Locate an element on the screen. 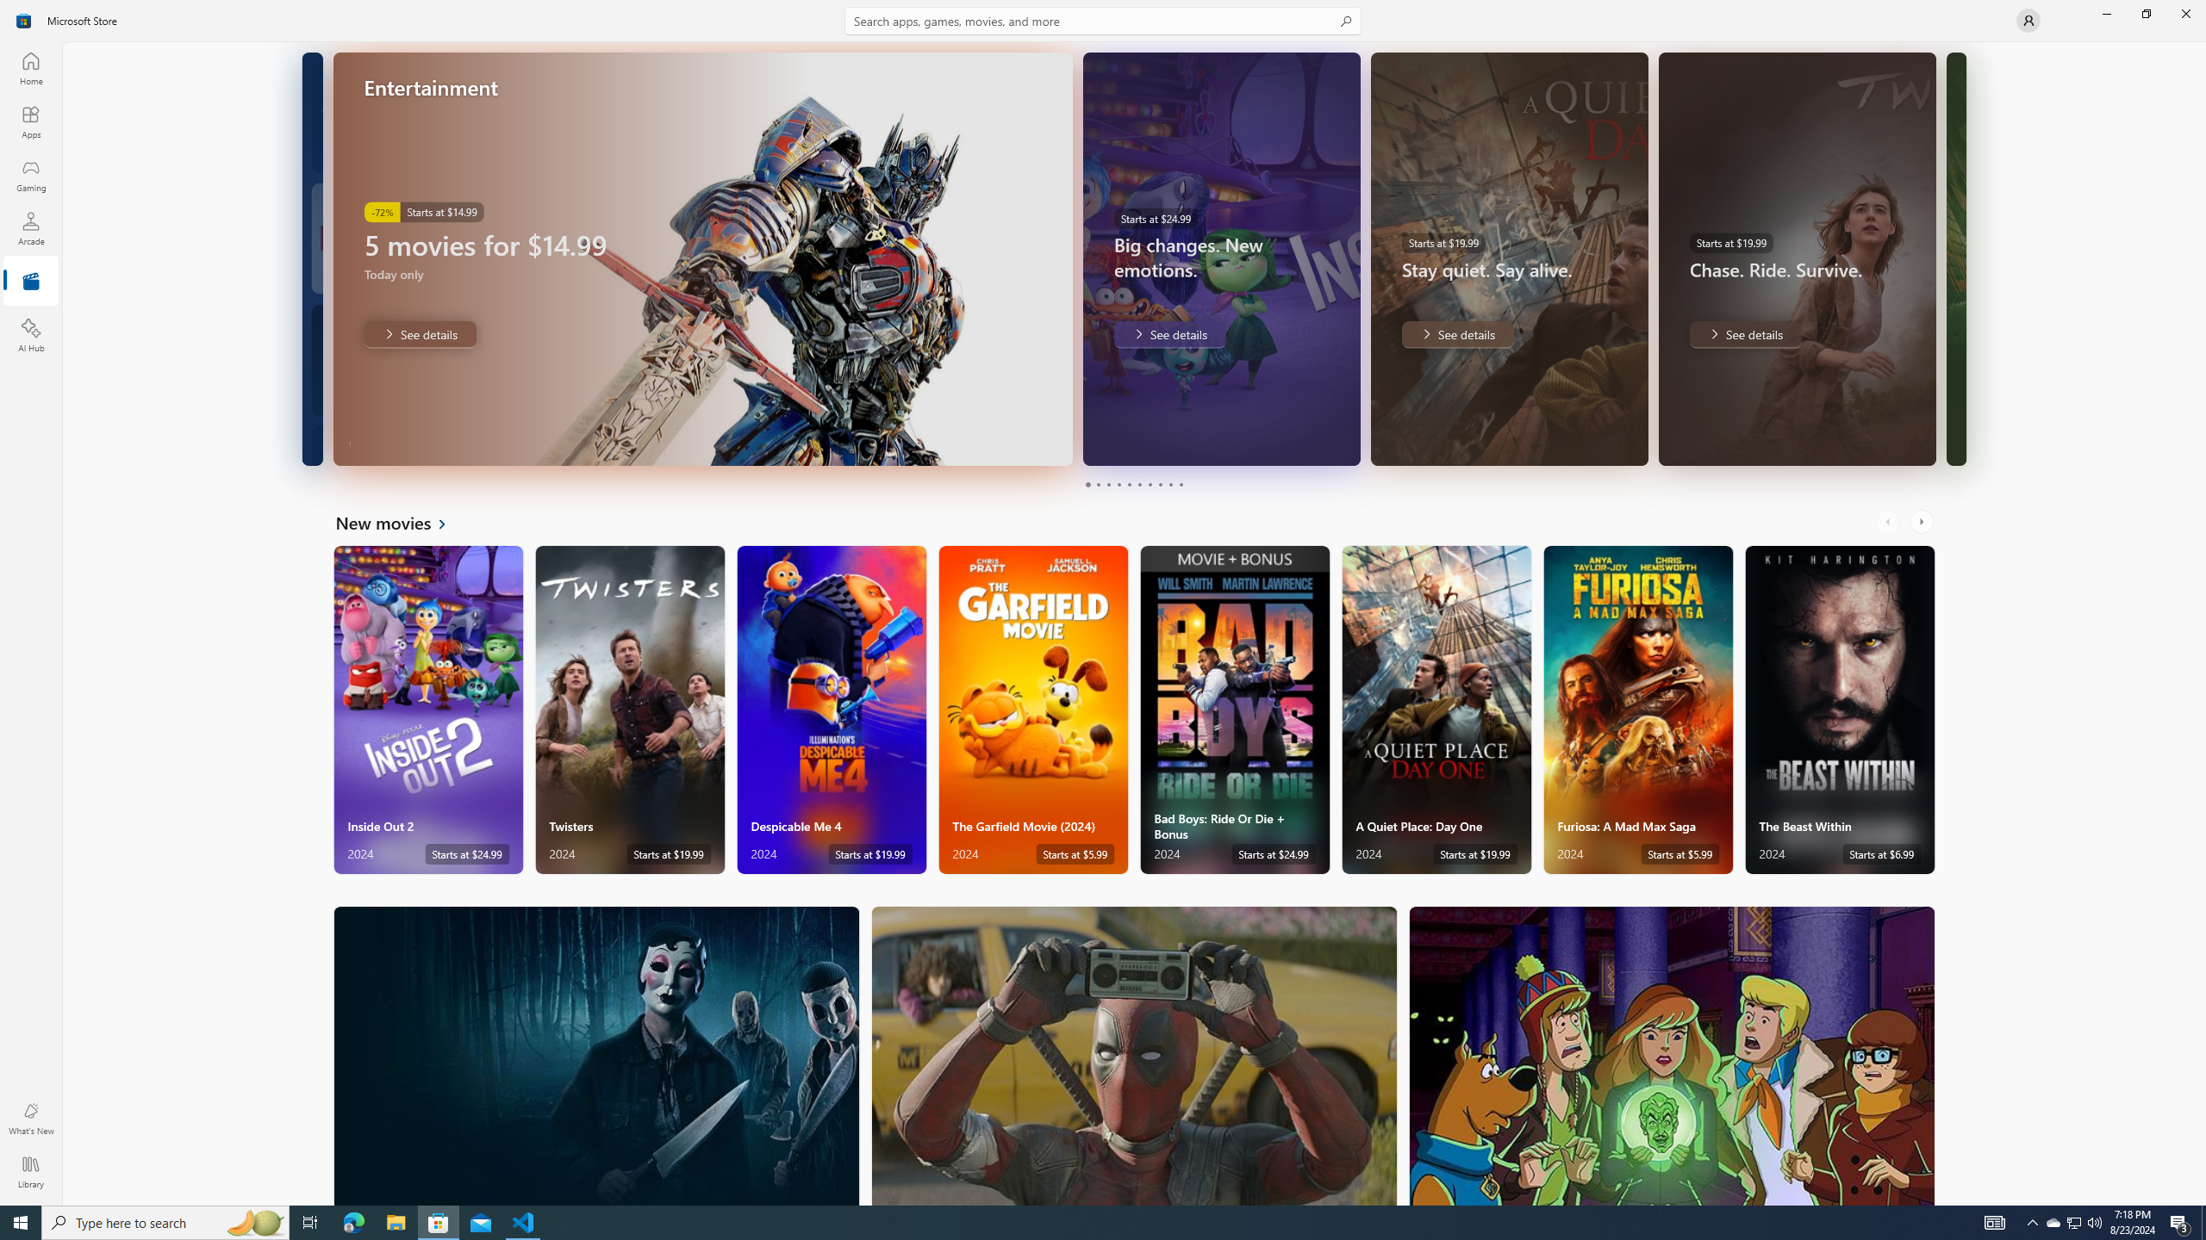 The image size is (2206, 1240). 'What' is located at coordinates (29, 1118).